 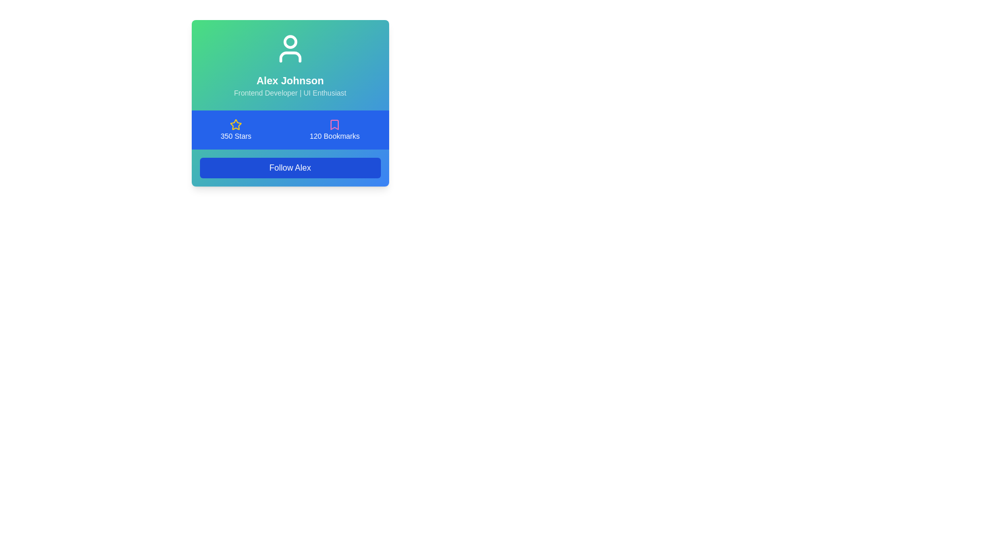 What do you see at coordinates (235, 129) in the screenshot?
I see `the Label with an icon that indicates a count of 350 stars, located in the horizontal blue segment at the lower section of the interface` at bounding box center [235, 129].